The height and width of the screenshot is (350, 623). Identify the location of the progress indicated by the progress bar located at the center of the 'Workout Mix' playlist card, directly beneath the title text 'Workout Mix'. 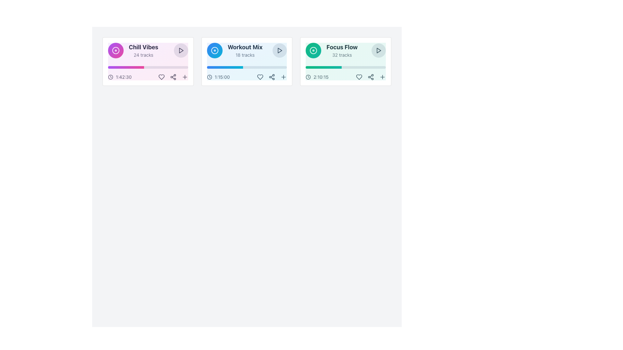
(246, 67).